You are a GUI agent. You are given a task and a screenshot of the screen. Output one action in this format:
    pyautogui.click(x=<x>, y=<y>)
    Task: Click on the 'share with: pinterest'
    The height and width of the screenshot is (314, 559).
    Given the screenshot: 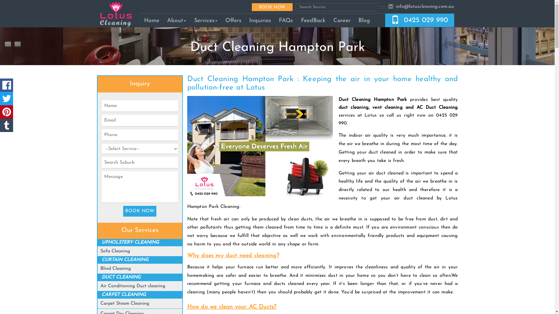 What is the action you would take?
    pyautogui.click(x=6, y=112)
    